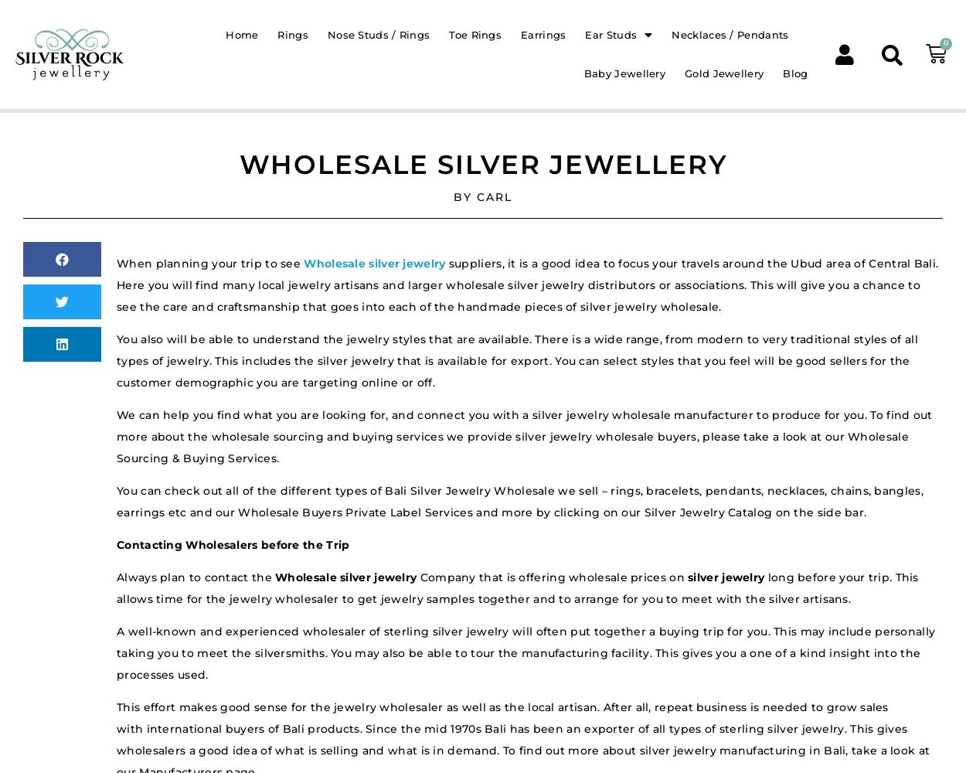 This screenshot has width=966, height=773. What do you see at coordinates (688, 577) in the screenshot?
I see `'silver jewelry'` at bounding box center [688, 577].